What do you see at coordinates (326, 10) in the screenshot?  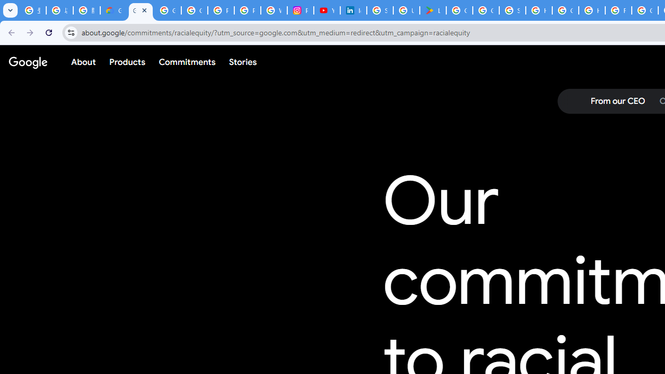 I see `'YouTube Culture & Trends - On The Rise: Handcam Videos'` at bounding box center [326, 10].